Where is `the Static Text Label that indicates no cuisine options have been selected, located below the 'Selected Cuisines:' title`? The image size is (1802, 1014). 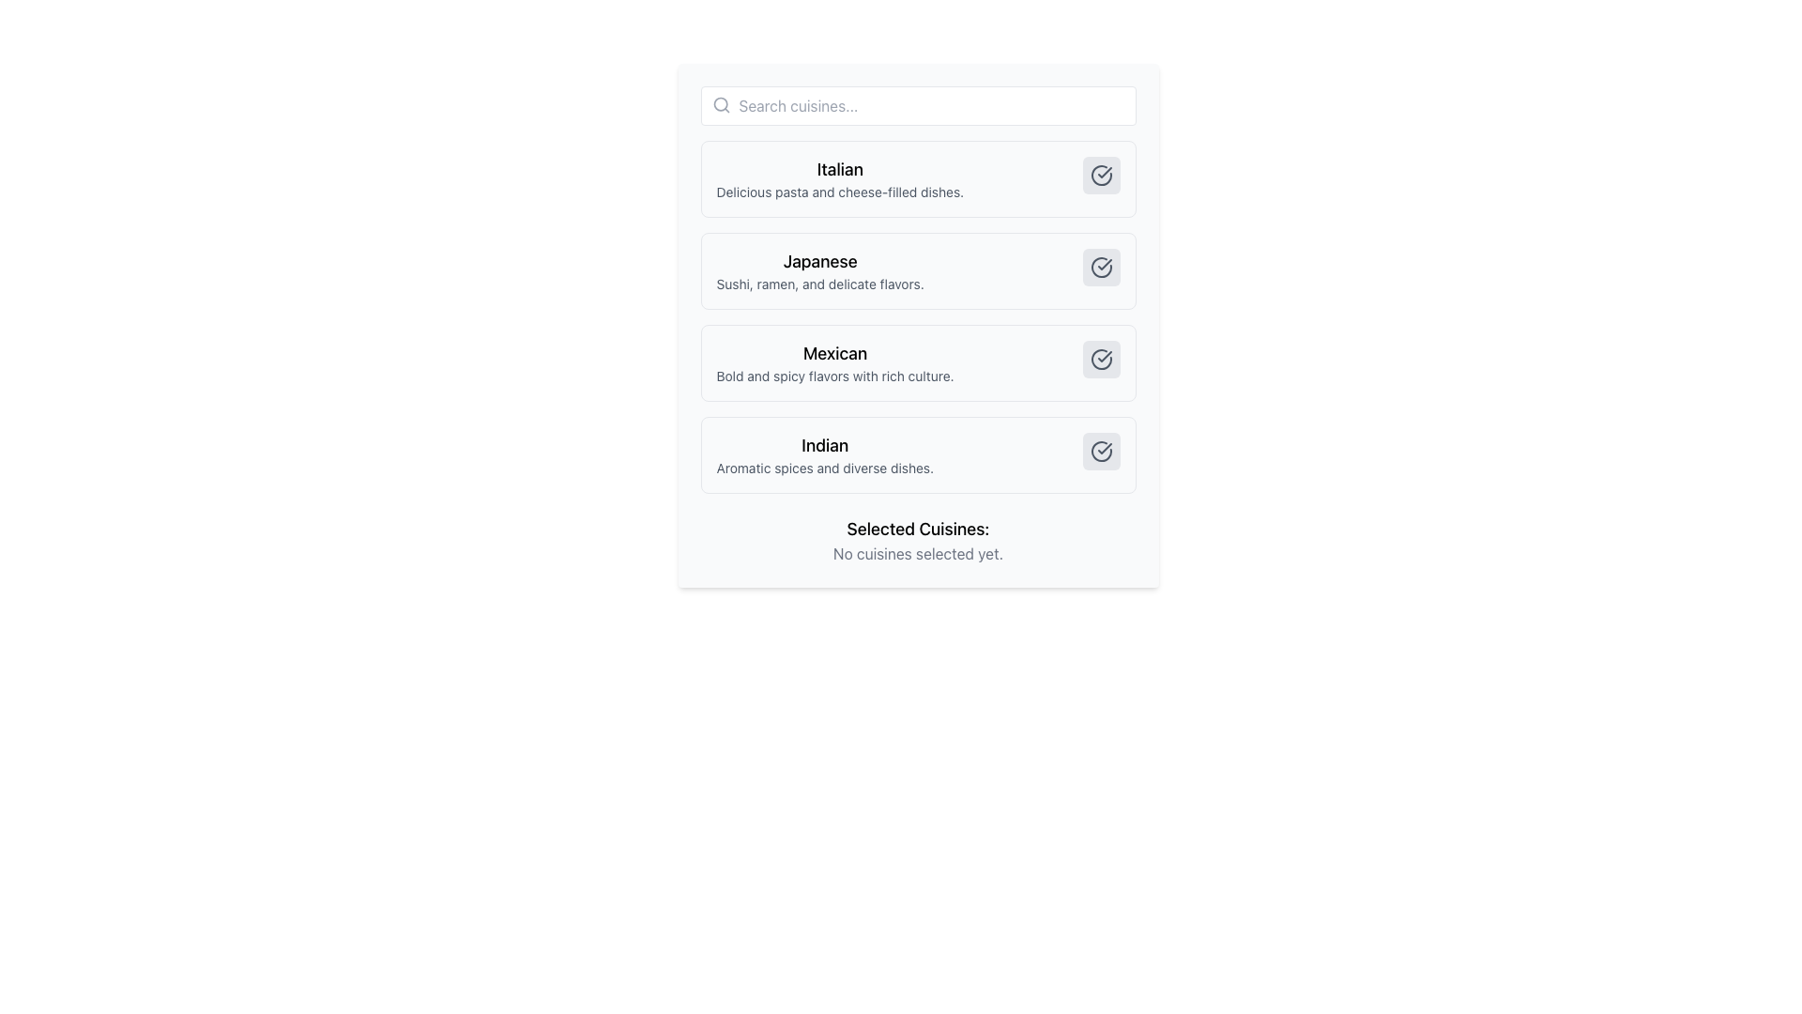 the Static Text Label that indicates no cuisine options have been selected, located below the 'Selected Cuisines:' title is located at coordinates (918, 553).